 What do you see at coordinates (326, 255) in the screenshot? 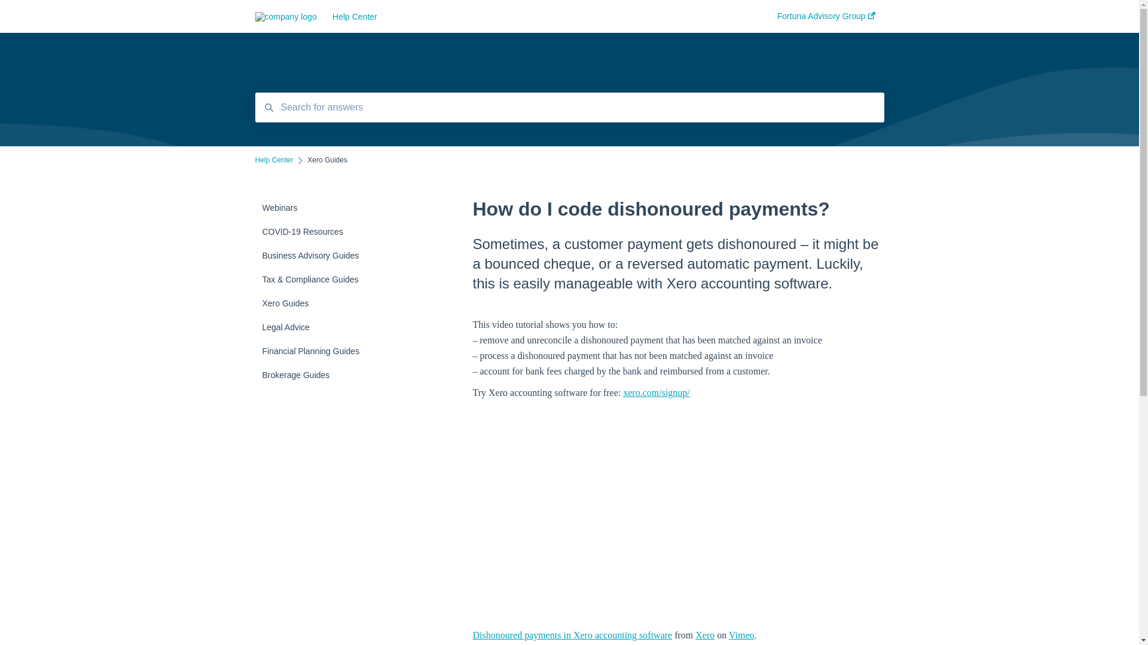
I see `'Business Advisory Guides'` at bounding box center [326, 255].